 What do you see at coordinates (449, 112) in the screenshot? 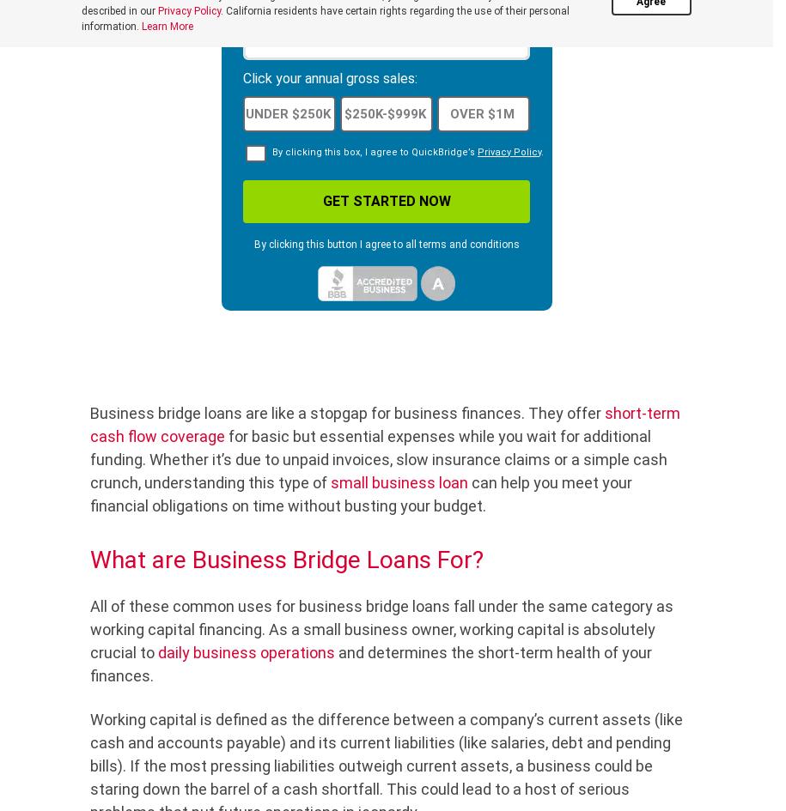
I see `'Over $1m'` at bounding box center [449, 112].